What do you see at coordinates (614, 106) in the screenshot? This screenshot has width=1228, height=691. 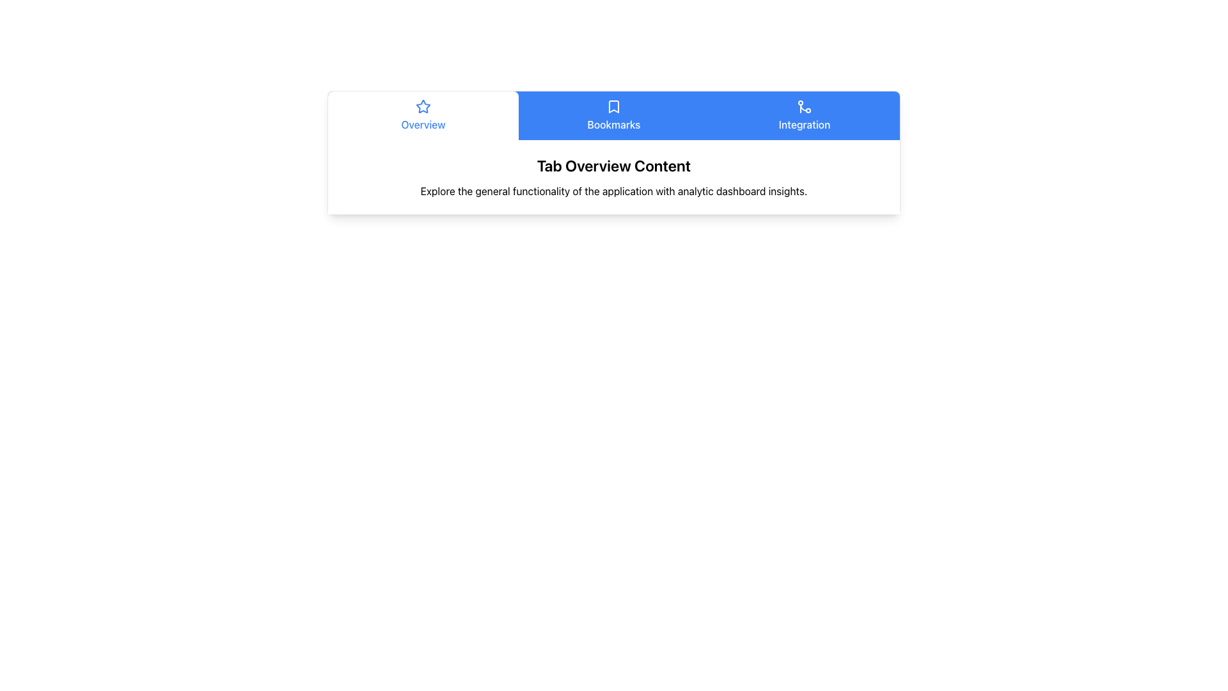 I see `the 'Bookmarks' icon located in the center of the 'Bookmarks' tab` at bounding box center [614, 106].